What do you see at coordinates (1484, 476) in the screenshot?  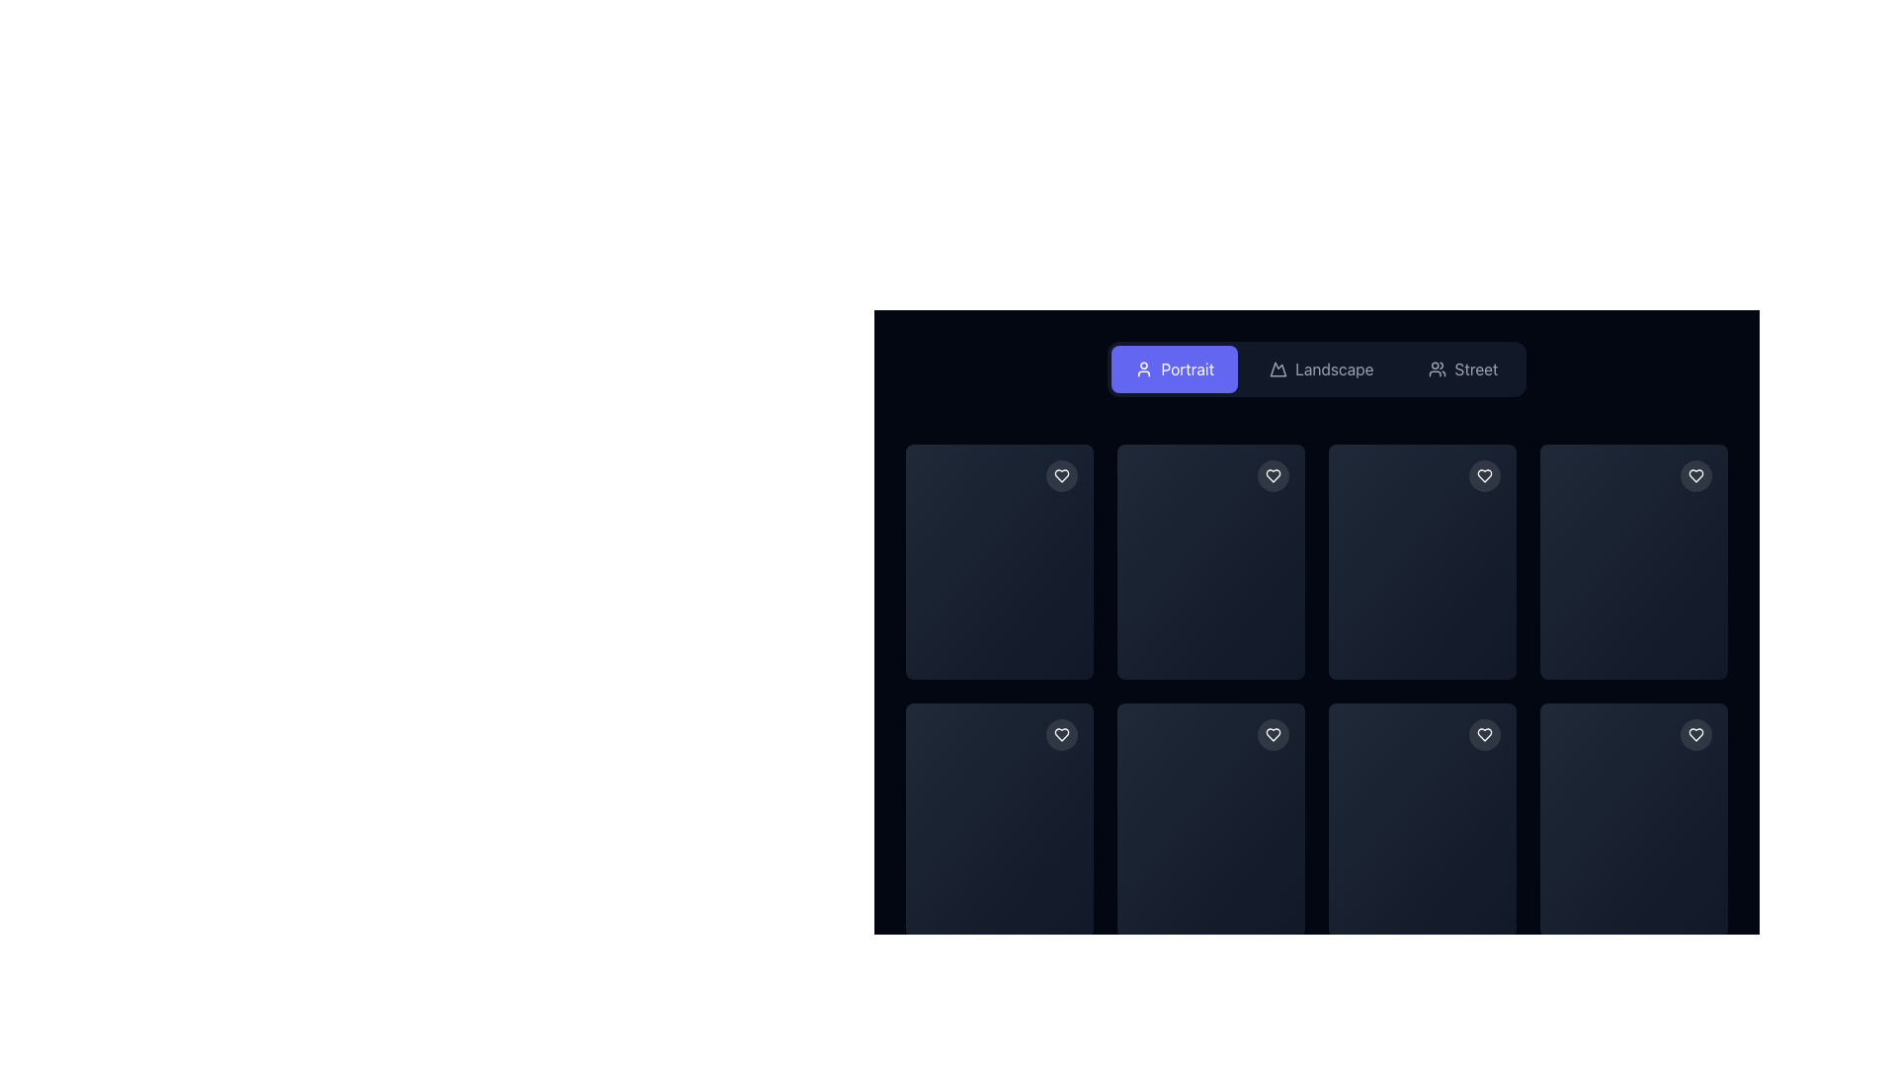 I see `the heart icon located` at bounding box center [1484, 476].